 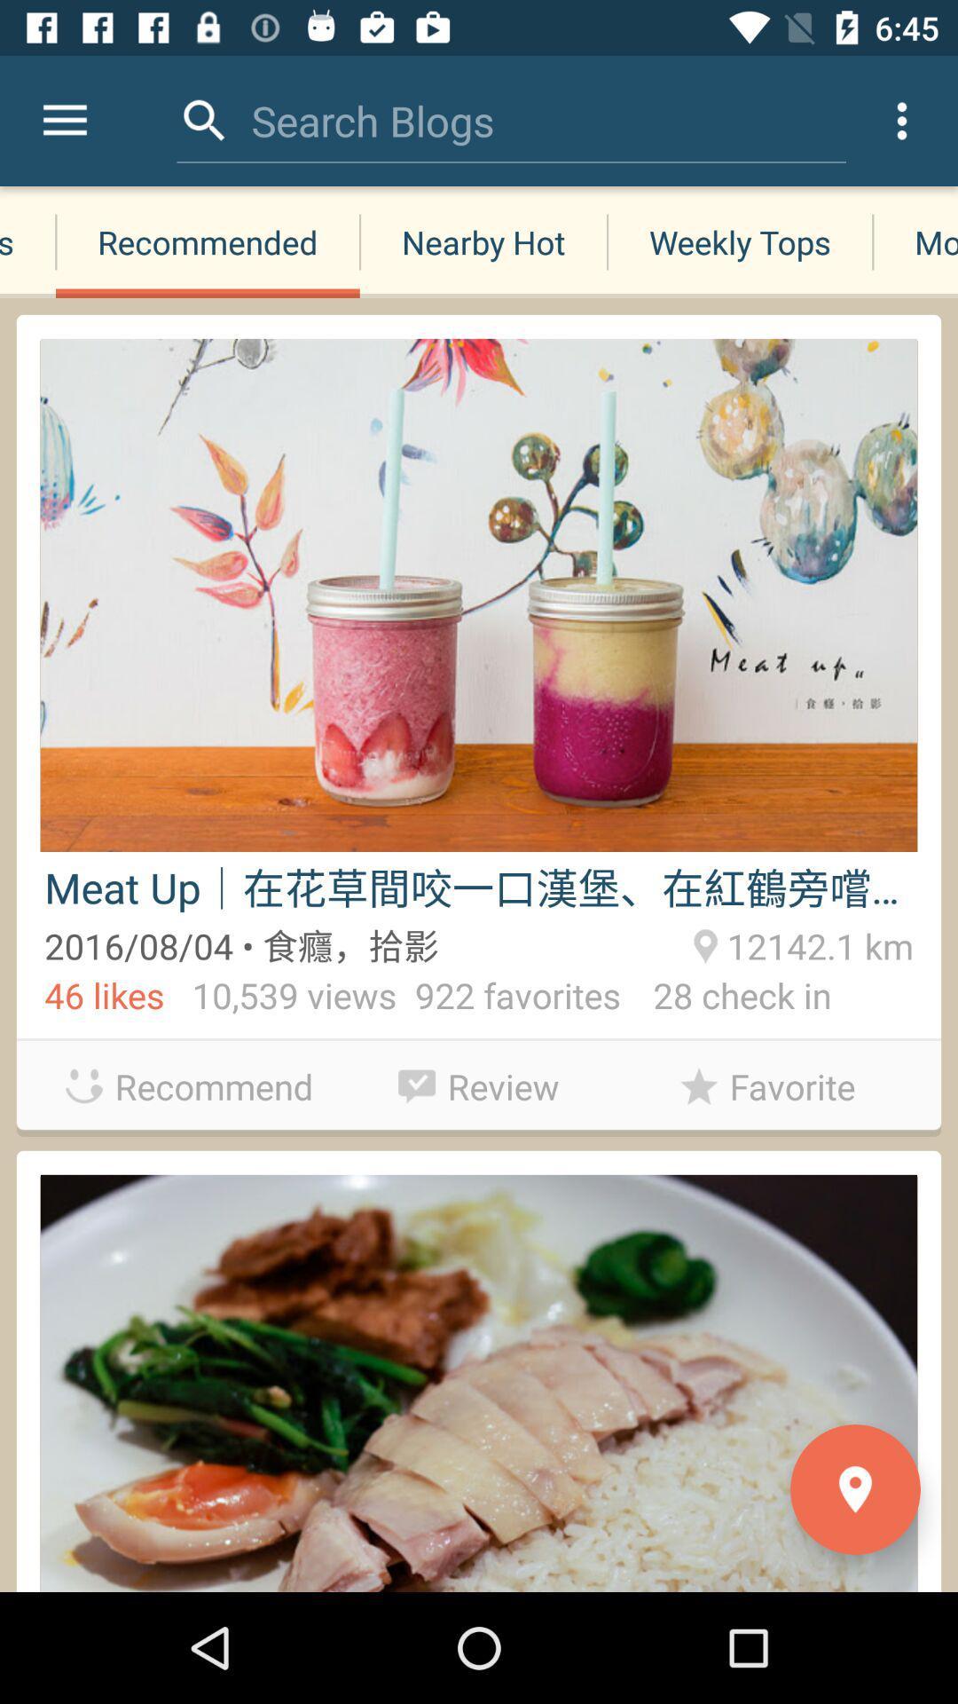 I want to click on icon next to the new blogs, so click(x=207, y=241).